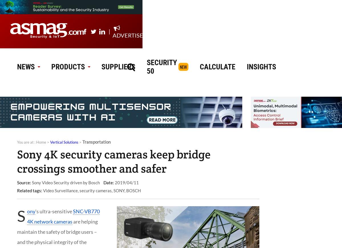 The width and height of the screenshot is (342, 248). Describe the element at coordinates (79, 190) in the screenshot. I see `'security cameras'` at that location.